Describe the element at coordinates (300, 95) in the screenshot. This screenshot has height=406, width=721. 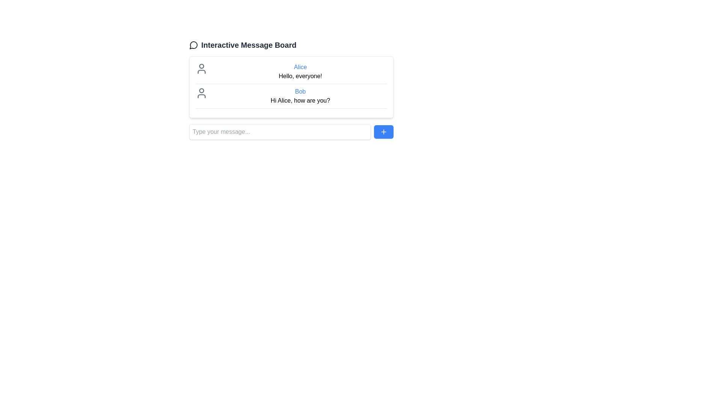
I see `the username 'Bob' in the chat message item` at that location.